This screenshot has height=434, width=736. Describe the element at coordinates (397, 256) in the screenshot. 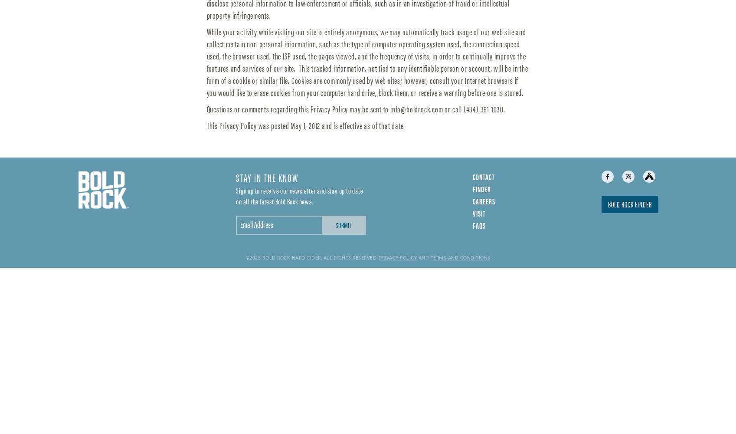

I see `'Privacy Policy'` at that location.